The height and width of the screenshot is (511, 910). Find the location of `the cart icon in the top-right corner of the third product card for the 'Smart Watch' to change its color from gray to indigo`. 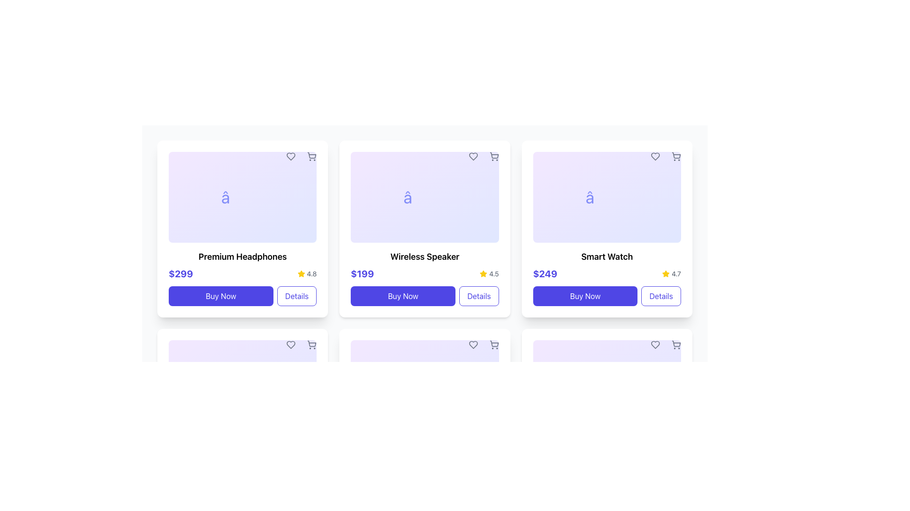

the cart icon in the top-right corner of the third product card for the 'Smart Watch' to change its color from gray to indigo is located at coordinates (675, 156).